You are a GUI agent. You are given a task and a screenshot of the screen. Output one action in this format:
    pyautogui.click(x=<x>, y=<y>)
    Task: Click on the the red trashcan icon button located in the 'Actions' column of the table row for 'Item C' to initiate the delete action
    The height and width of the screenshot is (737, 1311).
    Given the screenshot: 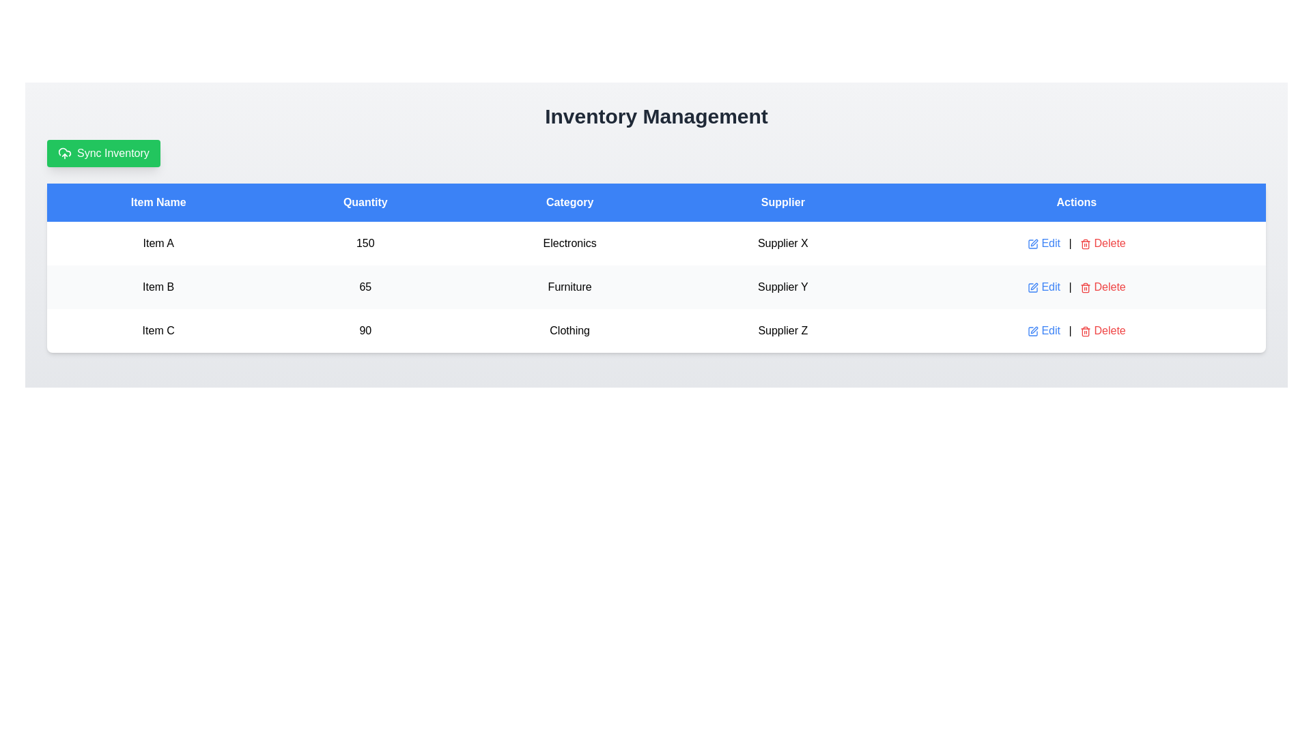 What is the action you would take?
    pyautogui.click(x=1085, y=331)
    